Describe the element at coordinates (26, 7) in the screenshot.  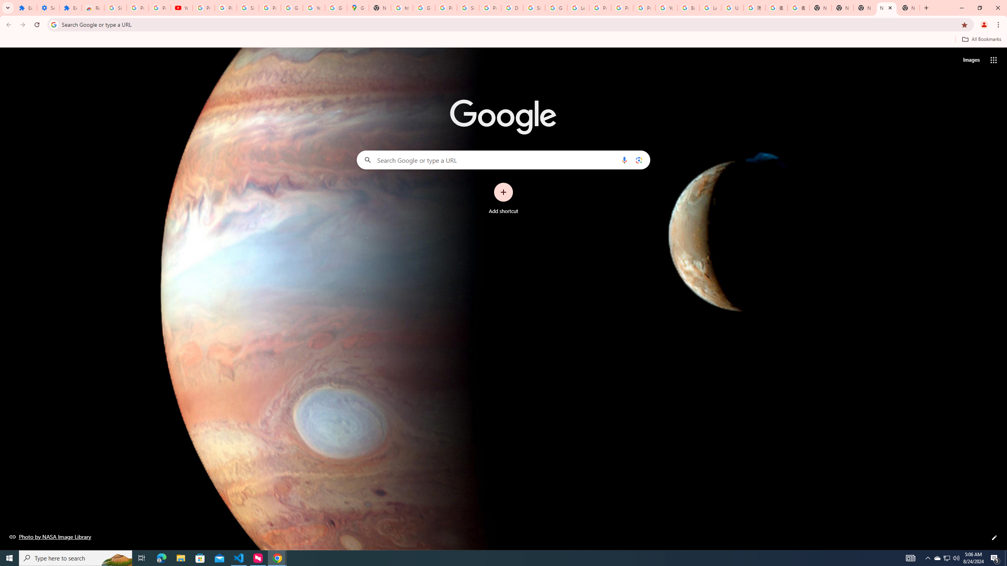
I see `'Extensions'` at that location.